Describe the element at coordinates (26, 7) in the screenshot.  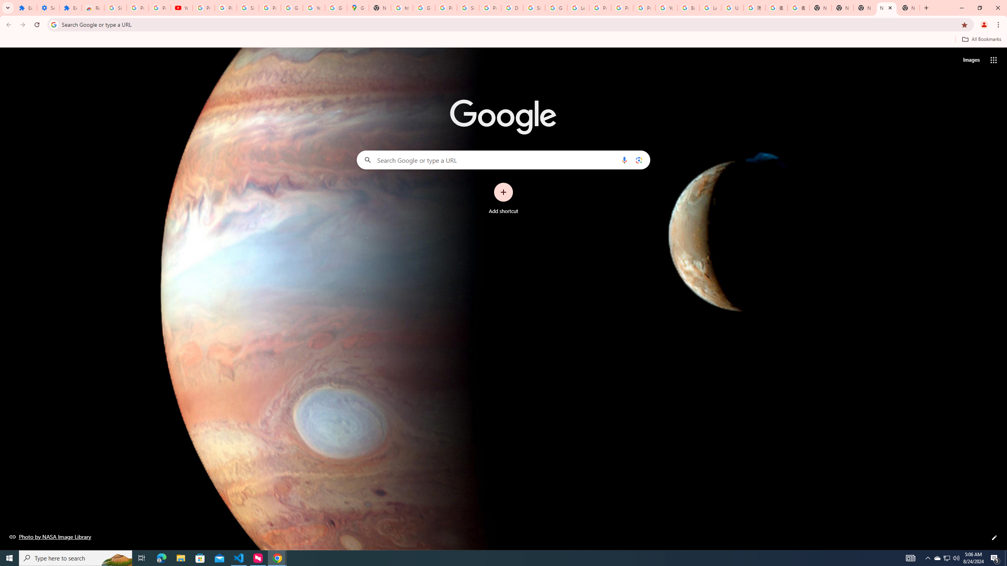
I see `'Extensions'` at that location.